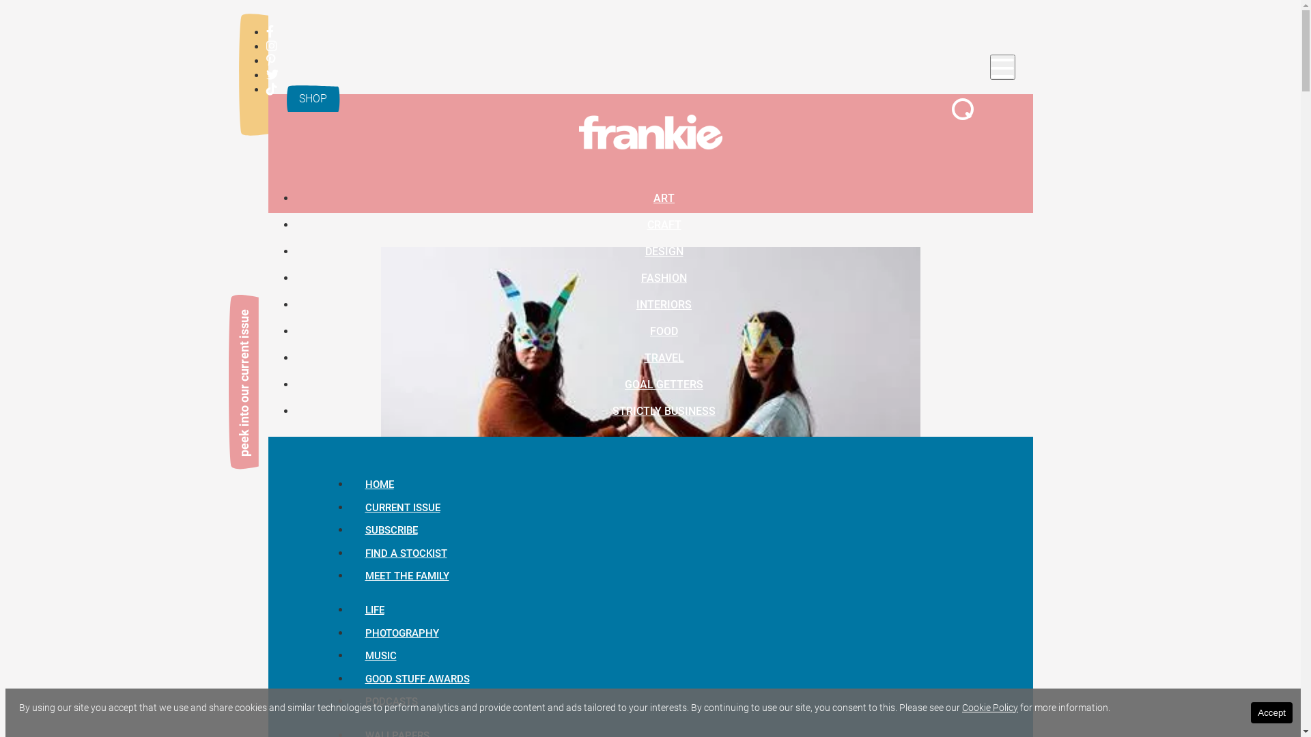 The image size is (1311, 737). I want to click on 'MUSIC', so click(380, 654).